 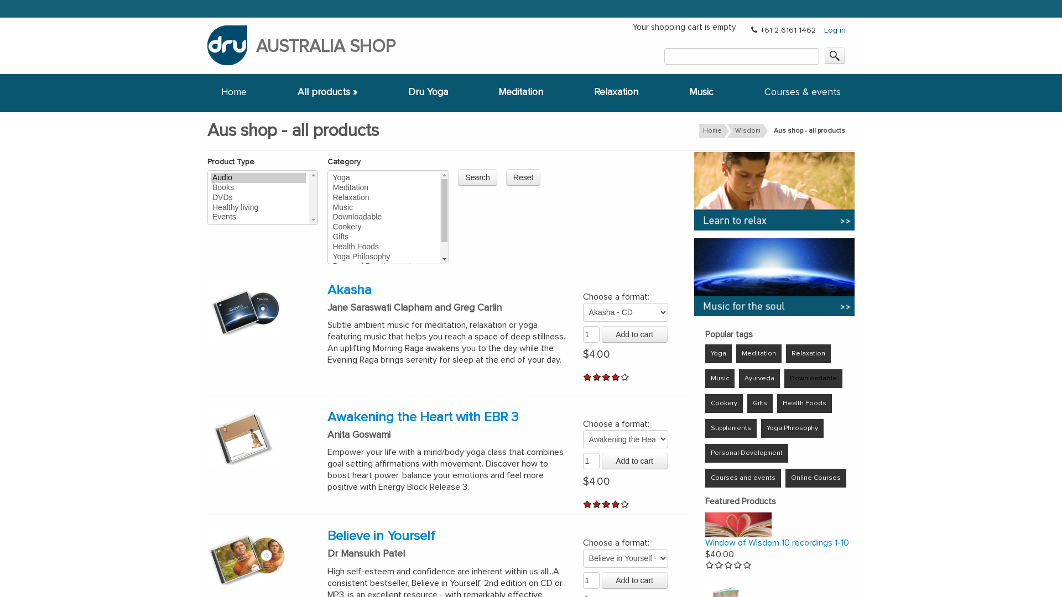 What do you see at coordinates (422, 417) in the screenshot?
I see `'Awakening the Heart with EBR 3'` at bounding box center [422, 417].